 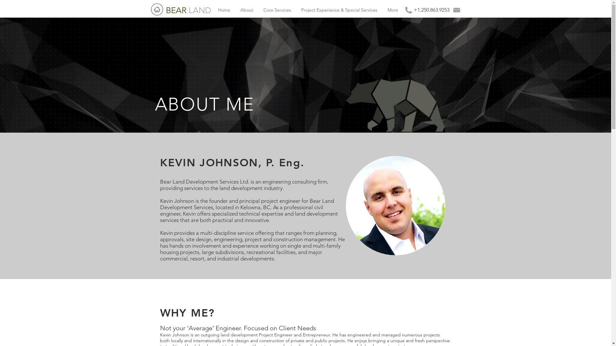 I want to click on 'Home', so click(x=223, y=10).